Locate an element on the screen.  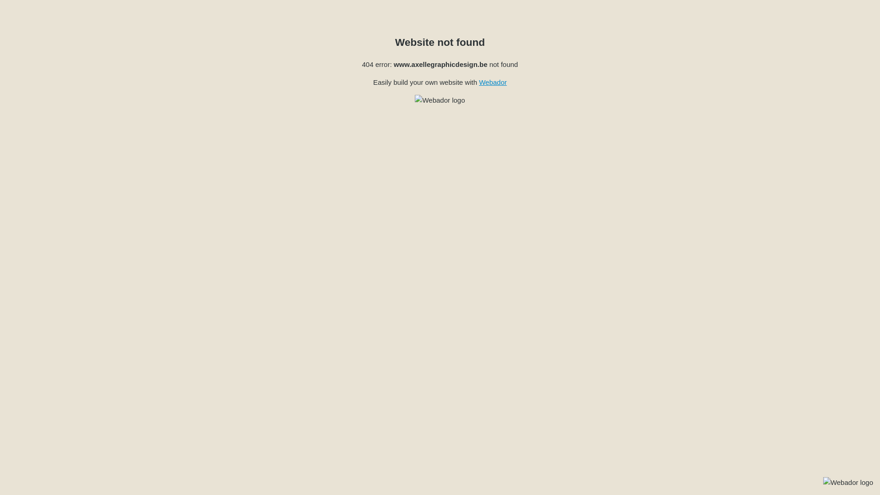
'Webador' is located at coordinates (492, 82).